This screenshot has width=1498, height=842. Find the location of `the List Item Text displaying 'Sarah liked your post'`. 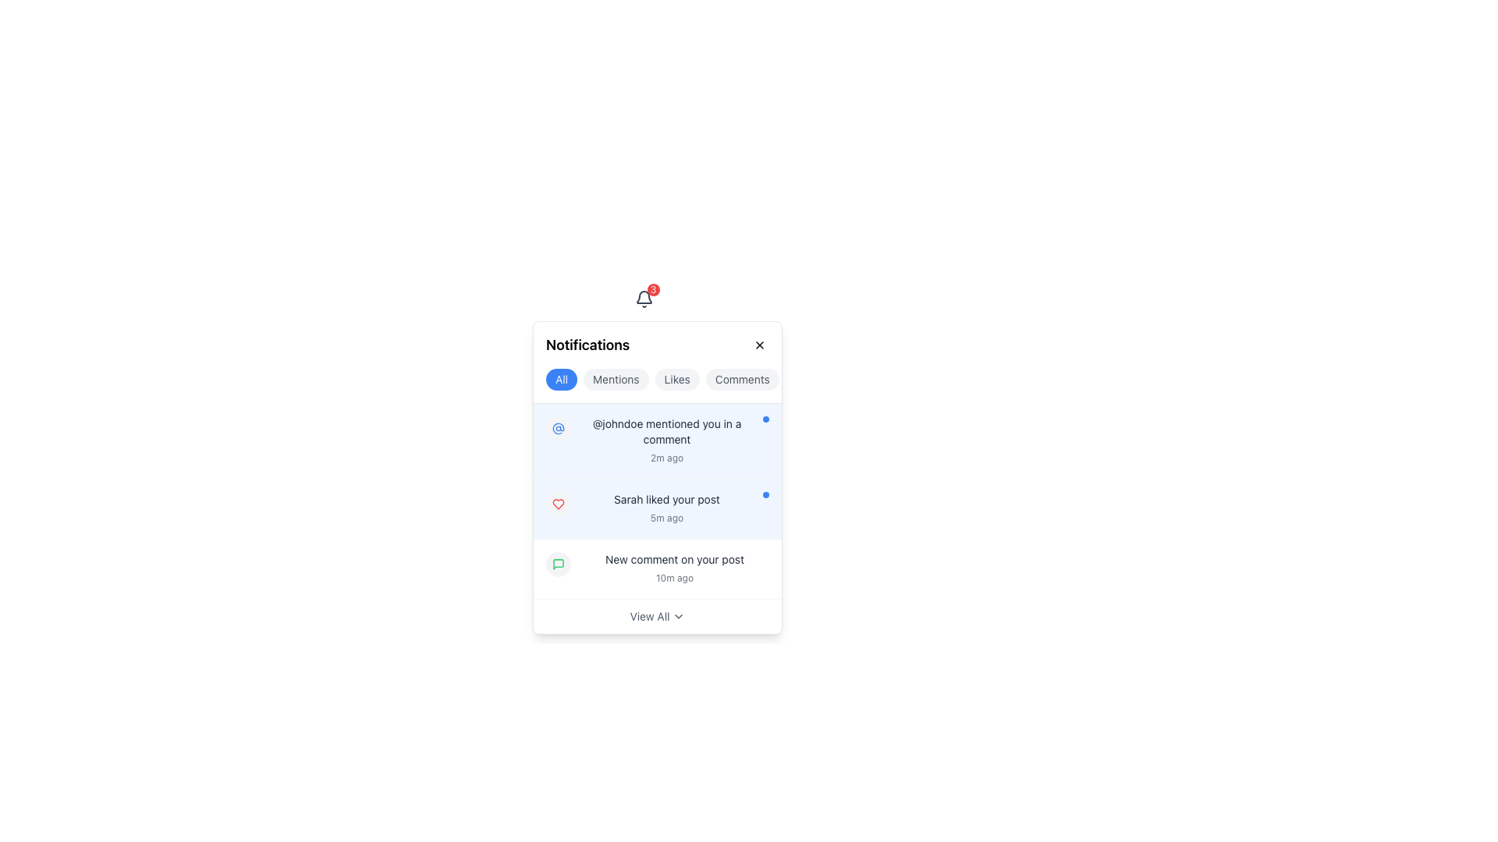

the List Item Text displaying 'Sarah liked your post' is located at coordinates (666, 508).